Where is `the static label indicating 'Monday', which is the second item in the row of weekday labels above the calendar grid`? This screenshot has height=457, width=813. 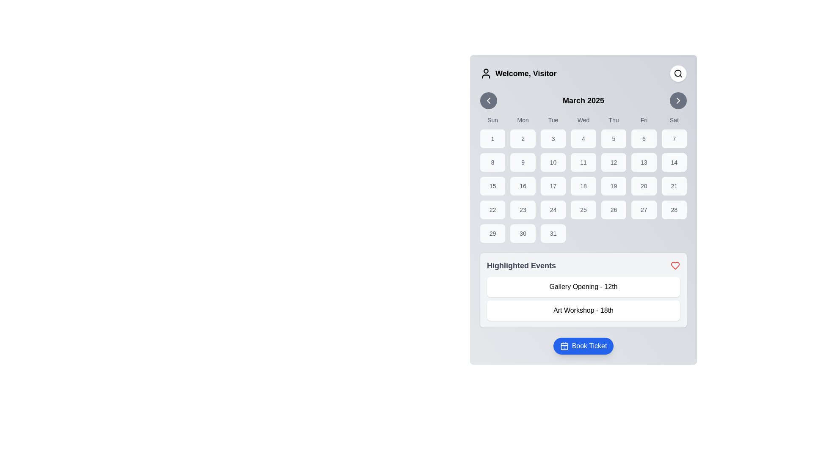
the static label indicating 'Monday', which is the second item in the row of weekday labels above the calendar grid is located at coordinates (523, 120).